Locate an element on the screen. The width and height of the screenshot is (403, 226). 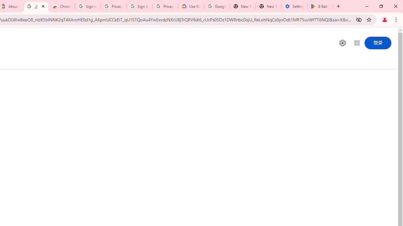
'New Tab' is located at coordinates (268, 6).